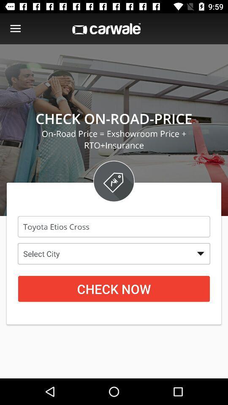  Describe the element at coordinates (15, 29) in the screenshot. I see `more` at that location.